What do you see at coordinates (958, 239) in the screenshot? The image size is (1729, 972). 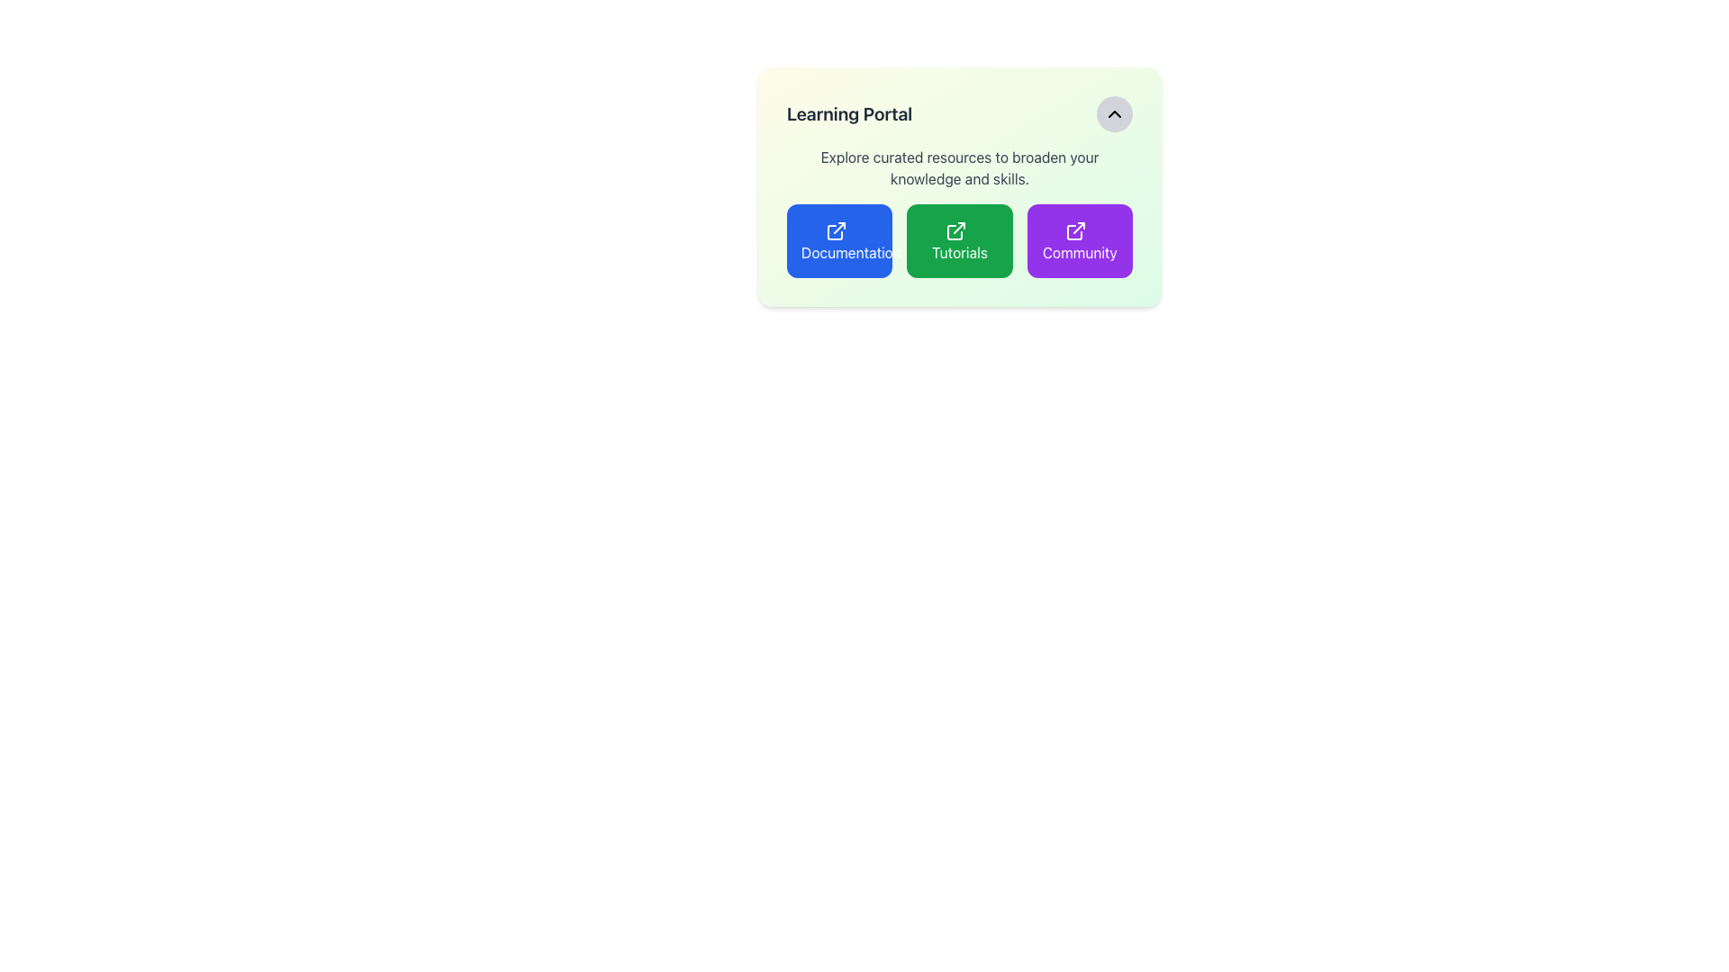 I see `the green 'Tutorials' button, which is the middle button among three buttons in the 'Learning Portal' section` at bounding box center [958, 239].